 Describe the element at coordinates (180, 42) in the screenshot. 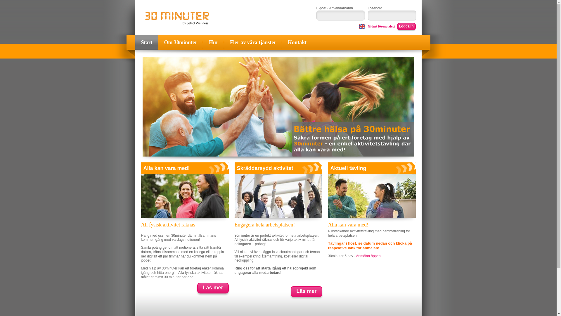

I see `'Om 30minuter'` at that location.